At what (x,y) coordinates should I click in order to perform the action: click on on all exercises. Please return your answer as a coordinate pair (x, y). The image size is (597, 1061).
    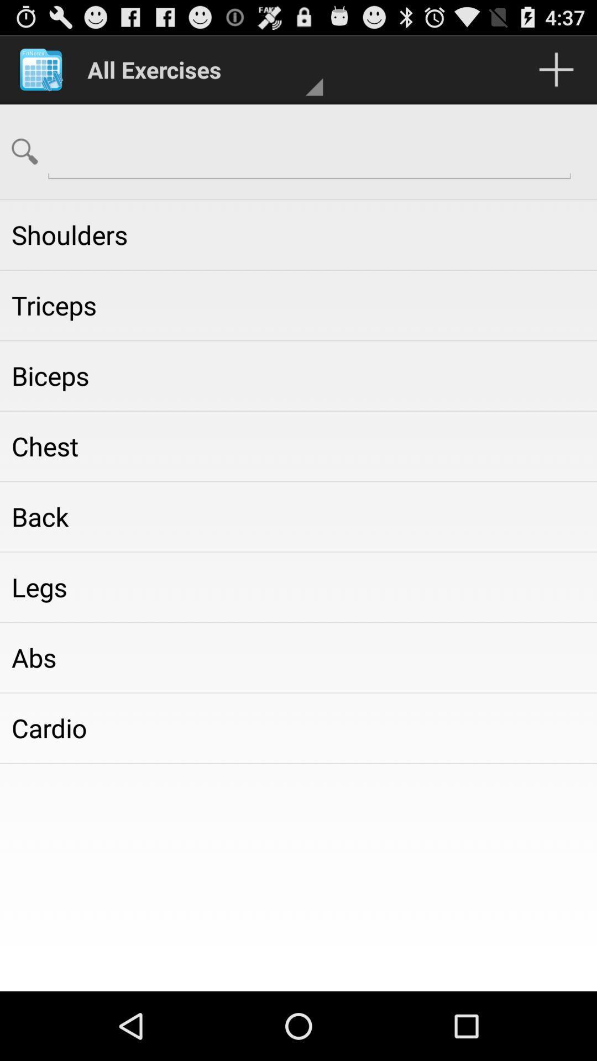
    Looking at the image, I should click on (200, 69).